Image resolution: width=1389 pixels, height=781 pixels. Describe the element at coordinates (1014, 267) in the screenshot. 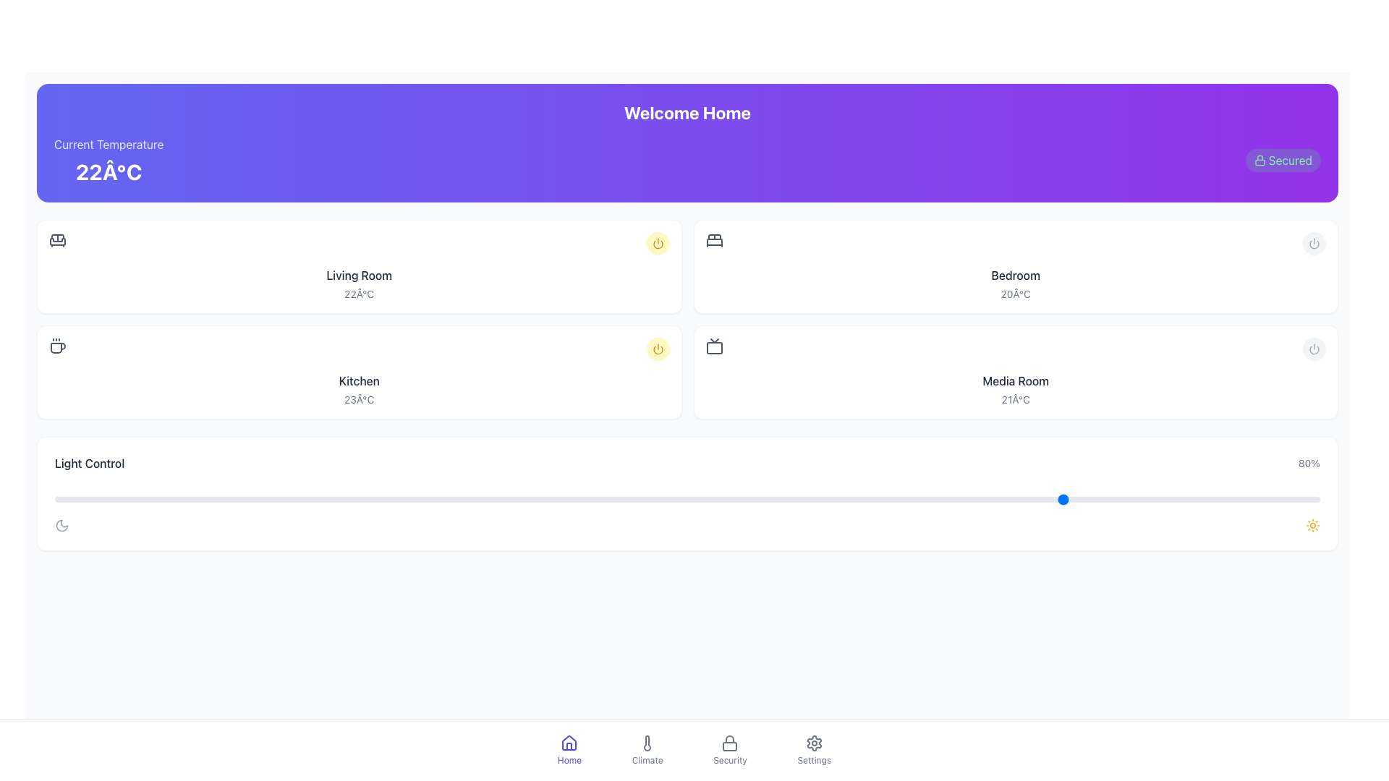

I see `the 'Bedroom' card in the home control dashboard to use the room icon for navigation` at that location.